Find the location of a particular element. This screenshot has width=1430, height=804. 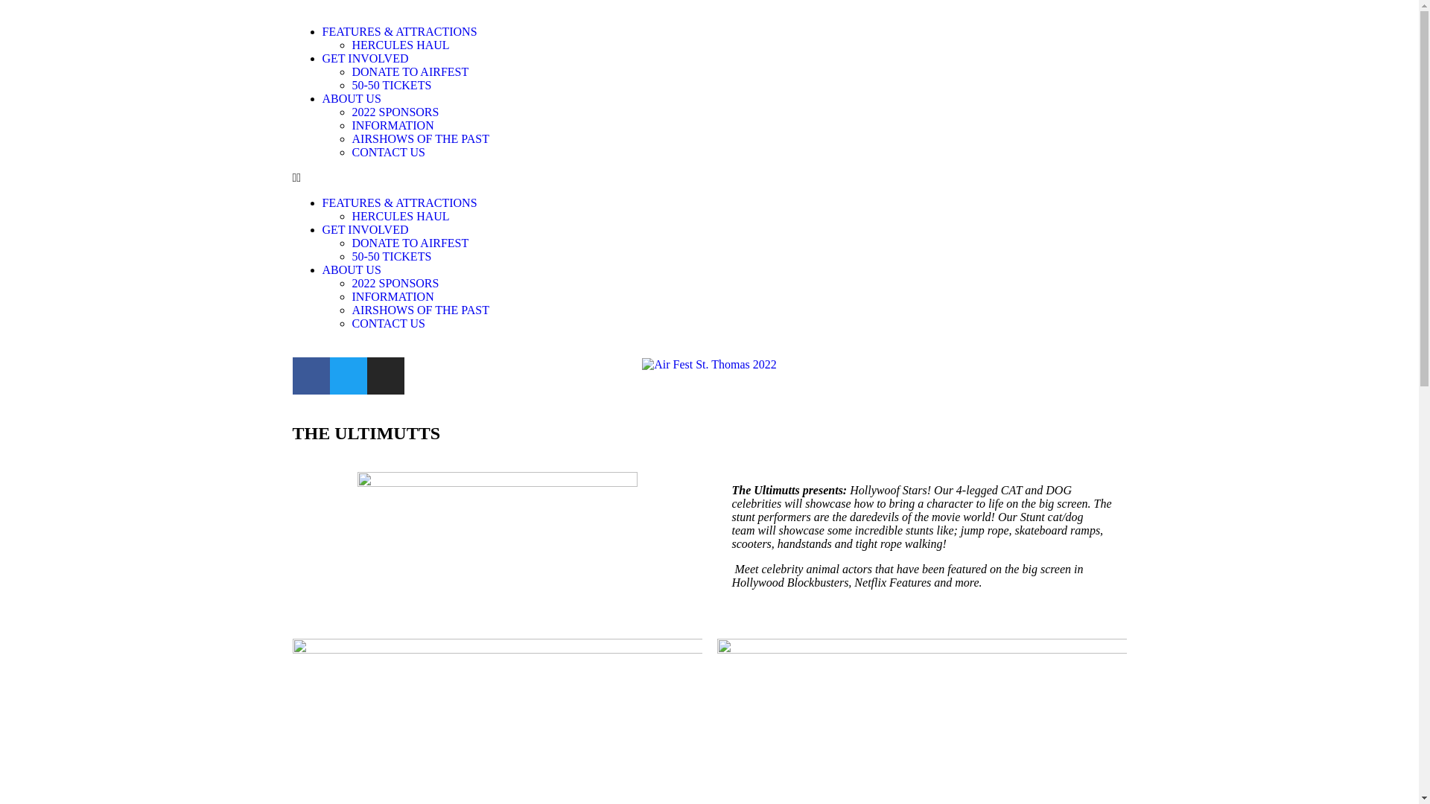

'2022 SPONSORS' is located at coordinates (395, 111).